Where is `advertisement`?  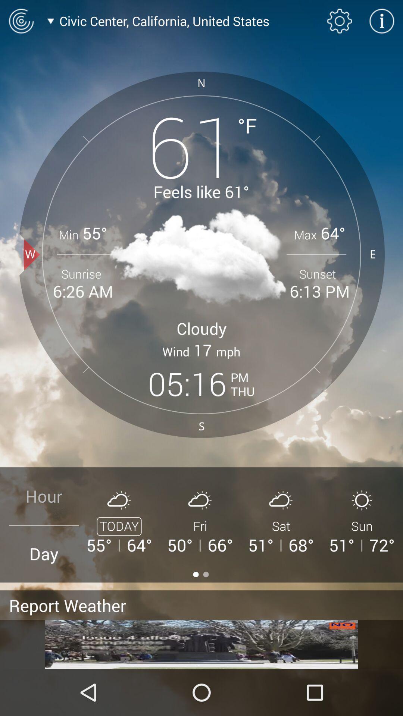 advertisement is located at coordinates (201, 644).